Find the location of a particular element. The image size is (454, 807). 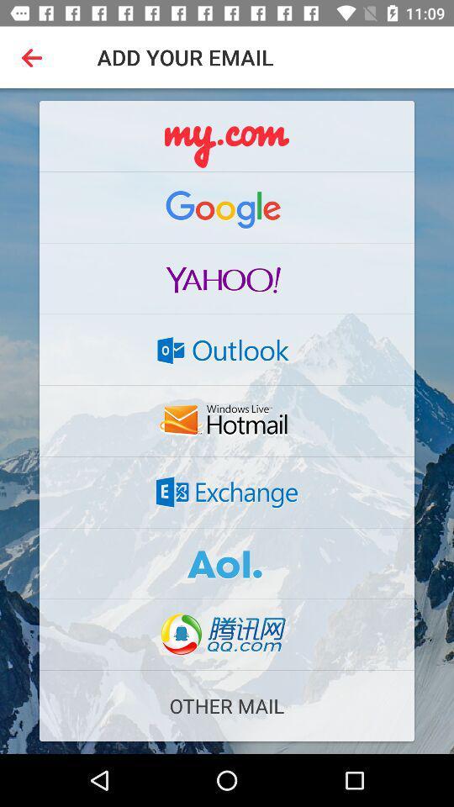

e exchange is located at coordinates (227, 492).